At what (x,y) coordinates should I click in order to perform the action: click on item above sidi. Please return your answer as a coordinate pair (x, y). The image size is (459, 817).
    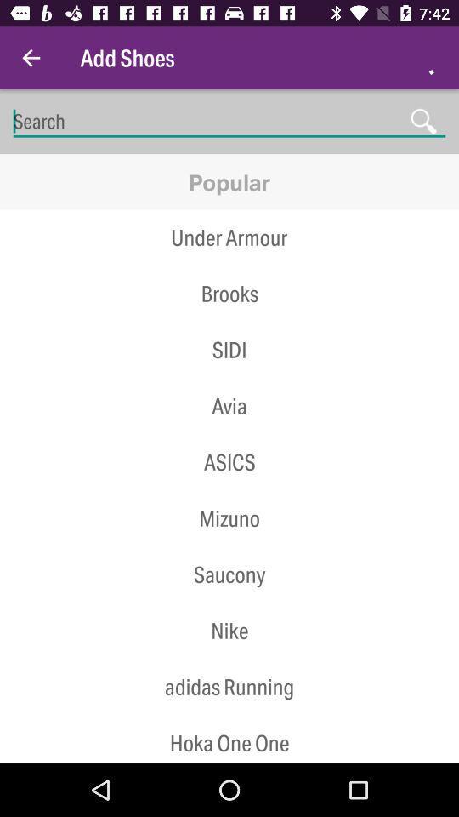
    Looking at the image, I should click on (229, 321).